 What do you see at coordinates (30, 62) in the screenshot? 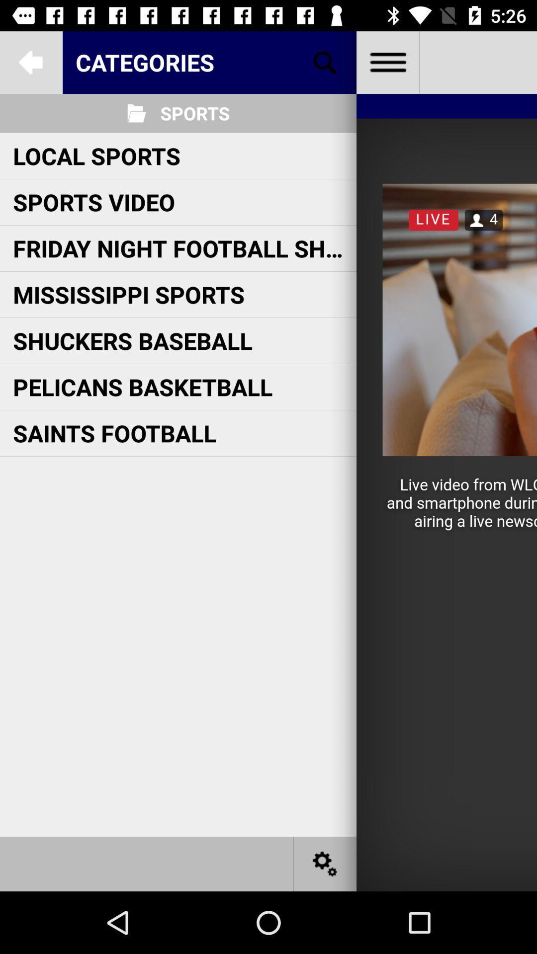
I see `the arrow_backward icon` at bounding box center [30, 62].